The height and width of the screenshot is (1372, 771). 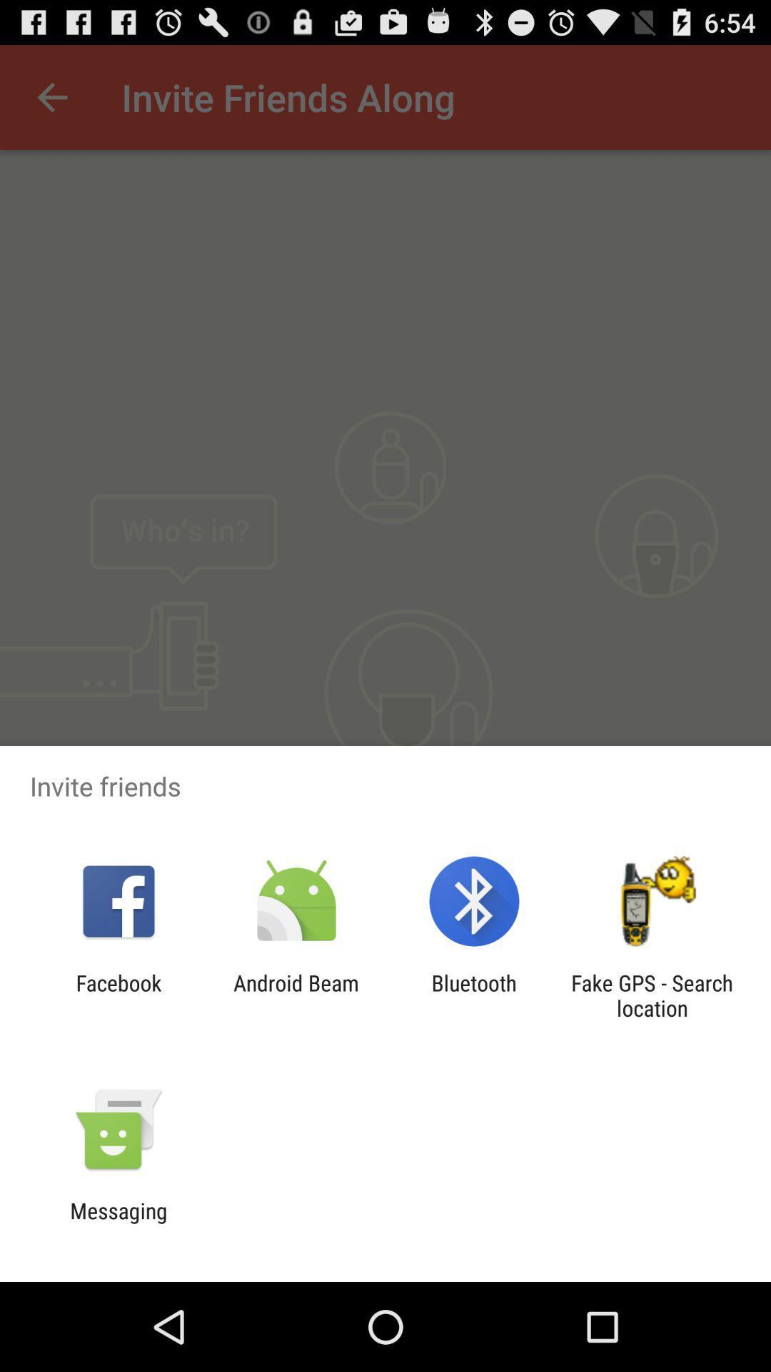 What do you see at coordinates (652, 995) in the screenshot?
I see `the fake gps search item` at bounding box center [652, 995].